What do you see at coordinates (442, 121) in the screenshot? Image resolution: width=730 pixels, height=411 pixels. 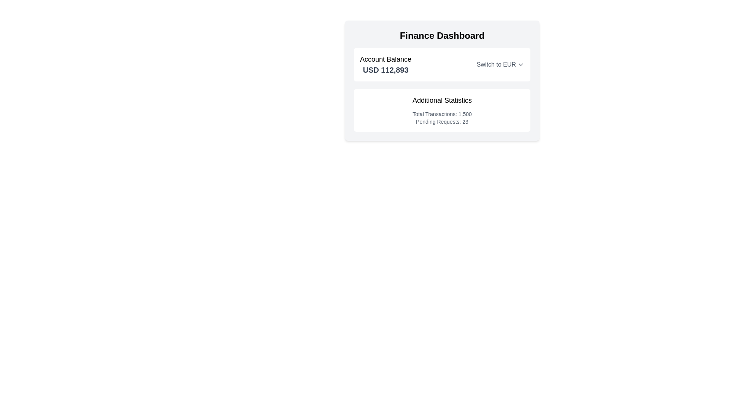 I see `statistical value from the text label that displays 'Pending Requests: 23', which is located beneath the 'Total Transactions: 1,500' text in the 'Additional Statistics' section` at bounding box center [442, 121].